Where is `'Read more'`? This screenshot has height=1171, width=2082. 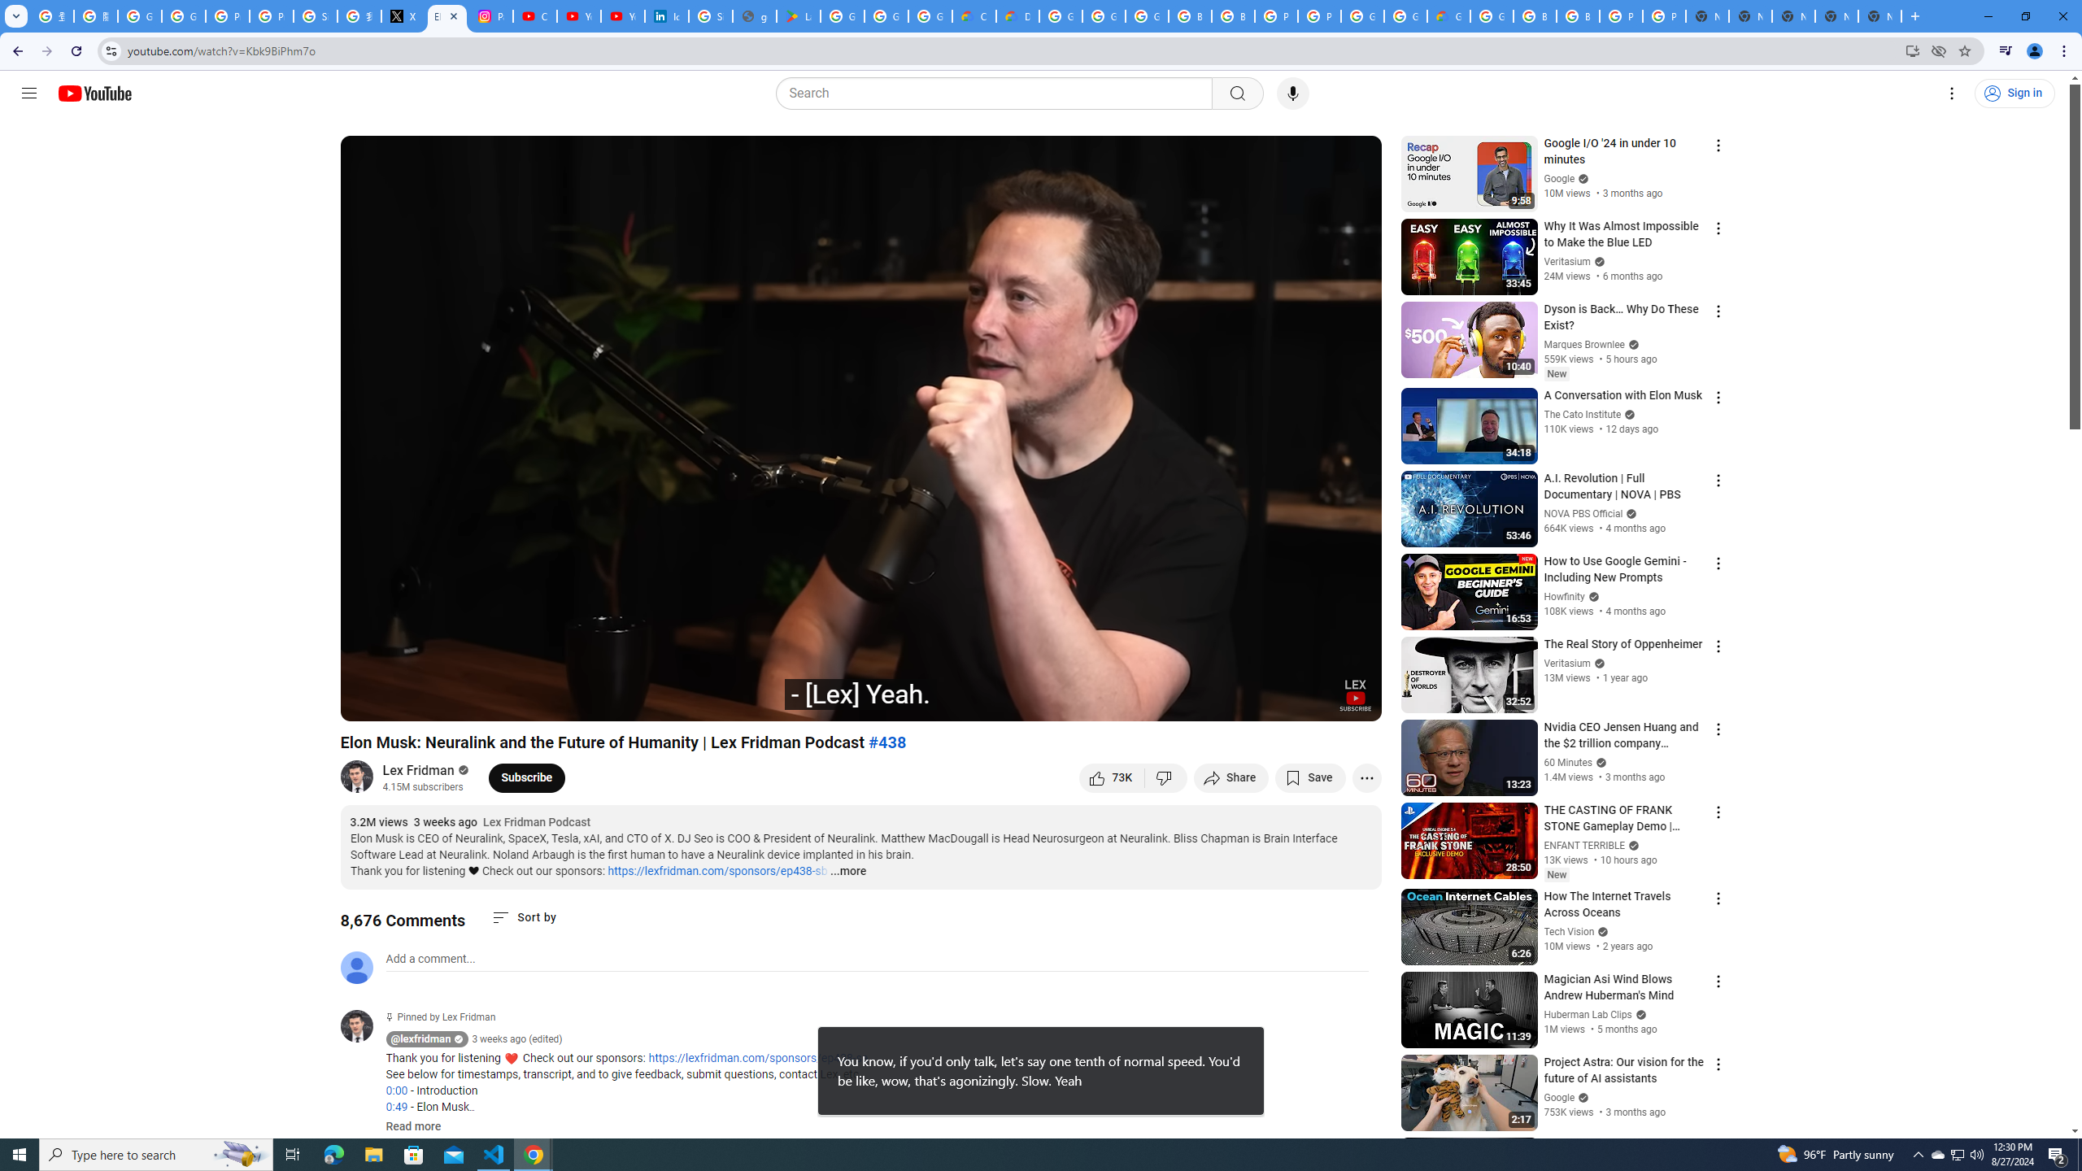 'Read more' is located at coordinates (412, 1127).